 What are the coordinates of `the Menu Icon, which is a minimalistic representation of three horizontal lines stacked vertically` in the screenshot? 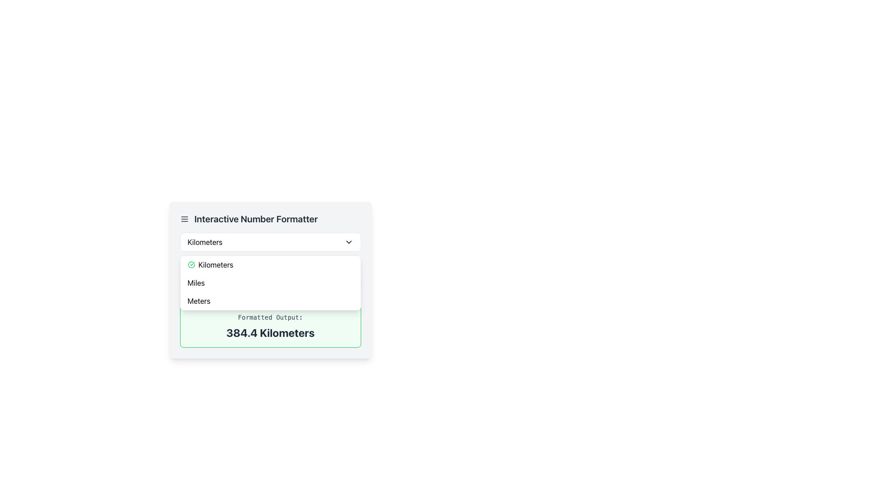 It's located at (184, 219).